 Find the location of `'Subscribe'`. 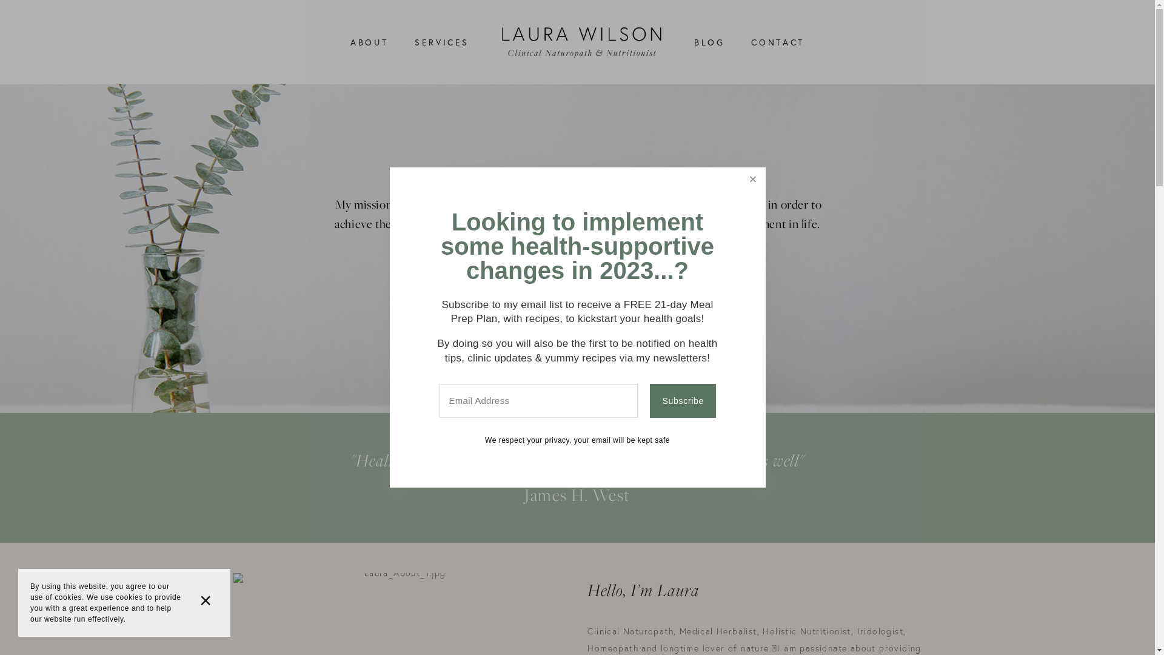

'Subscribe' is located at coordinates (649, 400).